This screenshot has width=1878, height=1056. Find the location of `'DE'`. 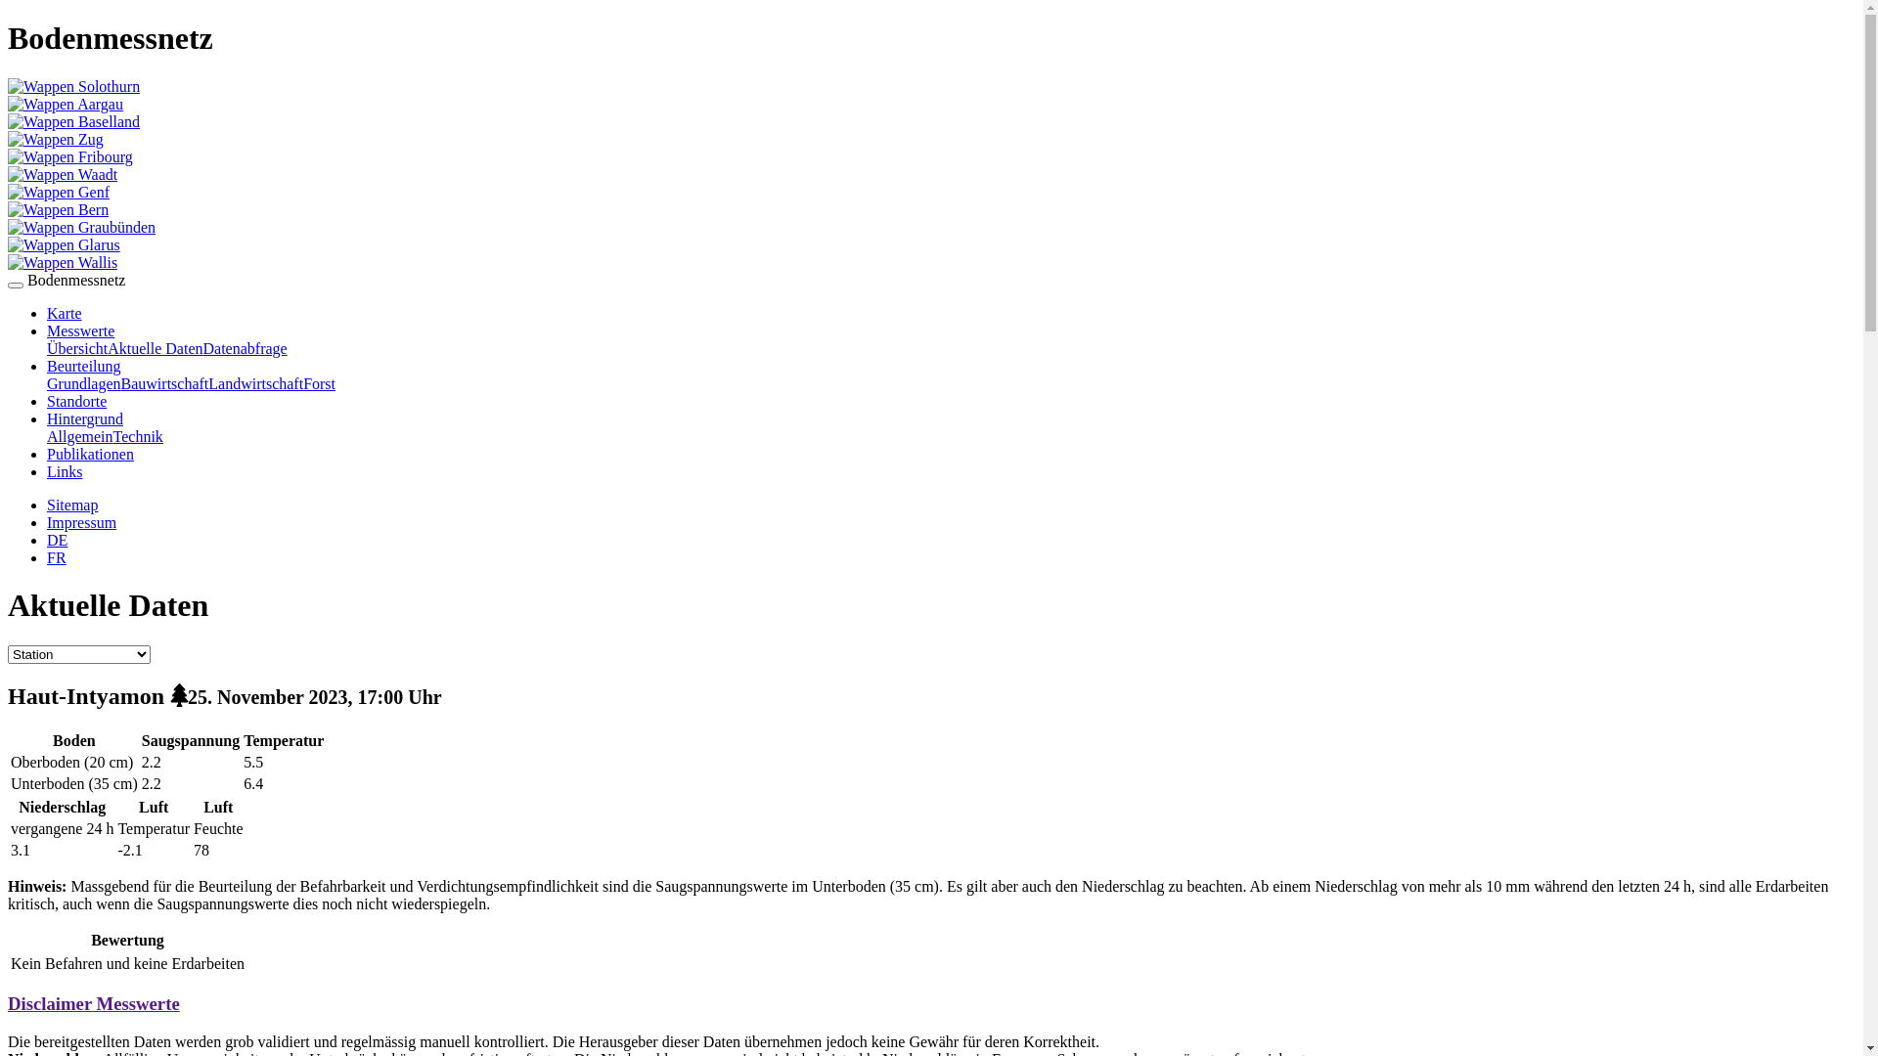

'DE' is located at coordinates (57, 540).